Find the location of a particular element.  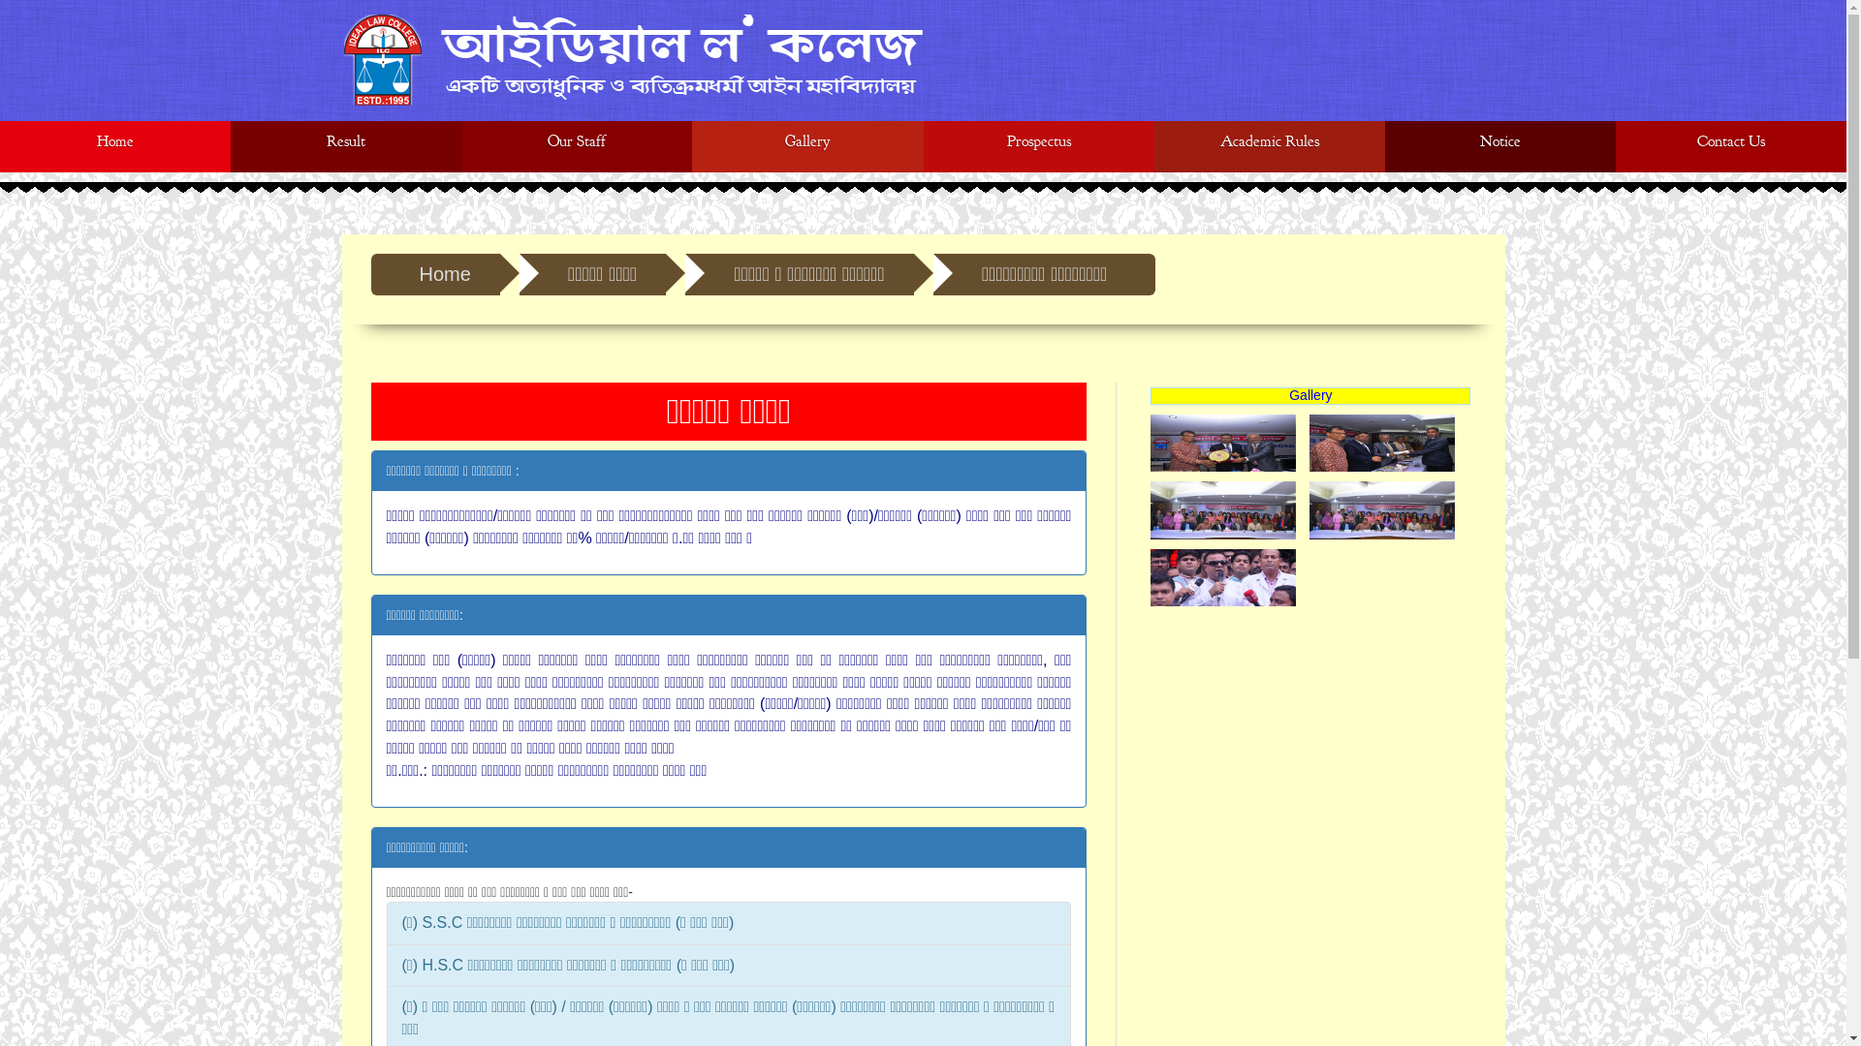

'Our Staff' is located at coordinates (576, 145).